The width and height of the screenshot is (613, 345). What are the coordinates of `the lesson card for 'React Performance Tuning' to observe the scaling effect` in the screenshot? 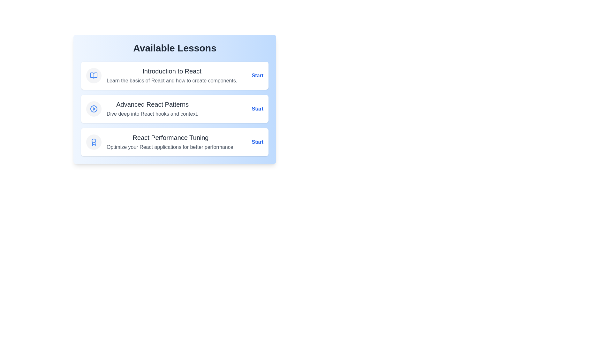 It's located at (175, 142).